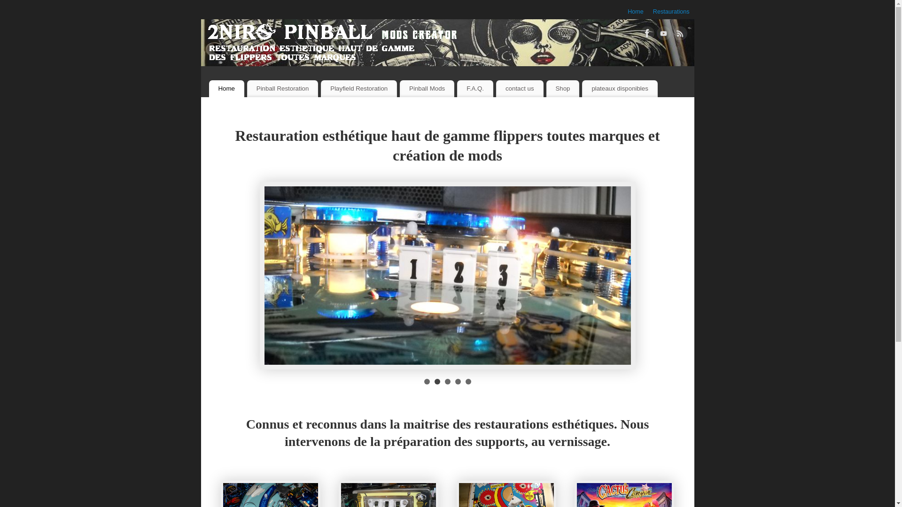 Image resolution: width=902 pixels, height=507 pixels. What do you see at coordinates (358, 89) in the screenshot?
I see `'Playfield Restoration'` at bounding box center [358, 89].